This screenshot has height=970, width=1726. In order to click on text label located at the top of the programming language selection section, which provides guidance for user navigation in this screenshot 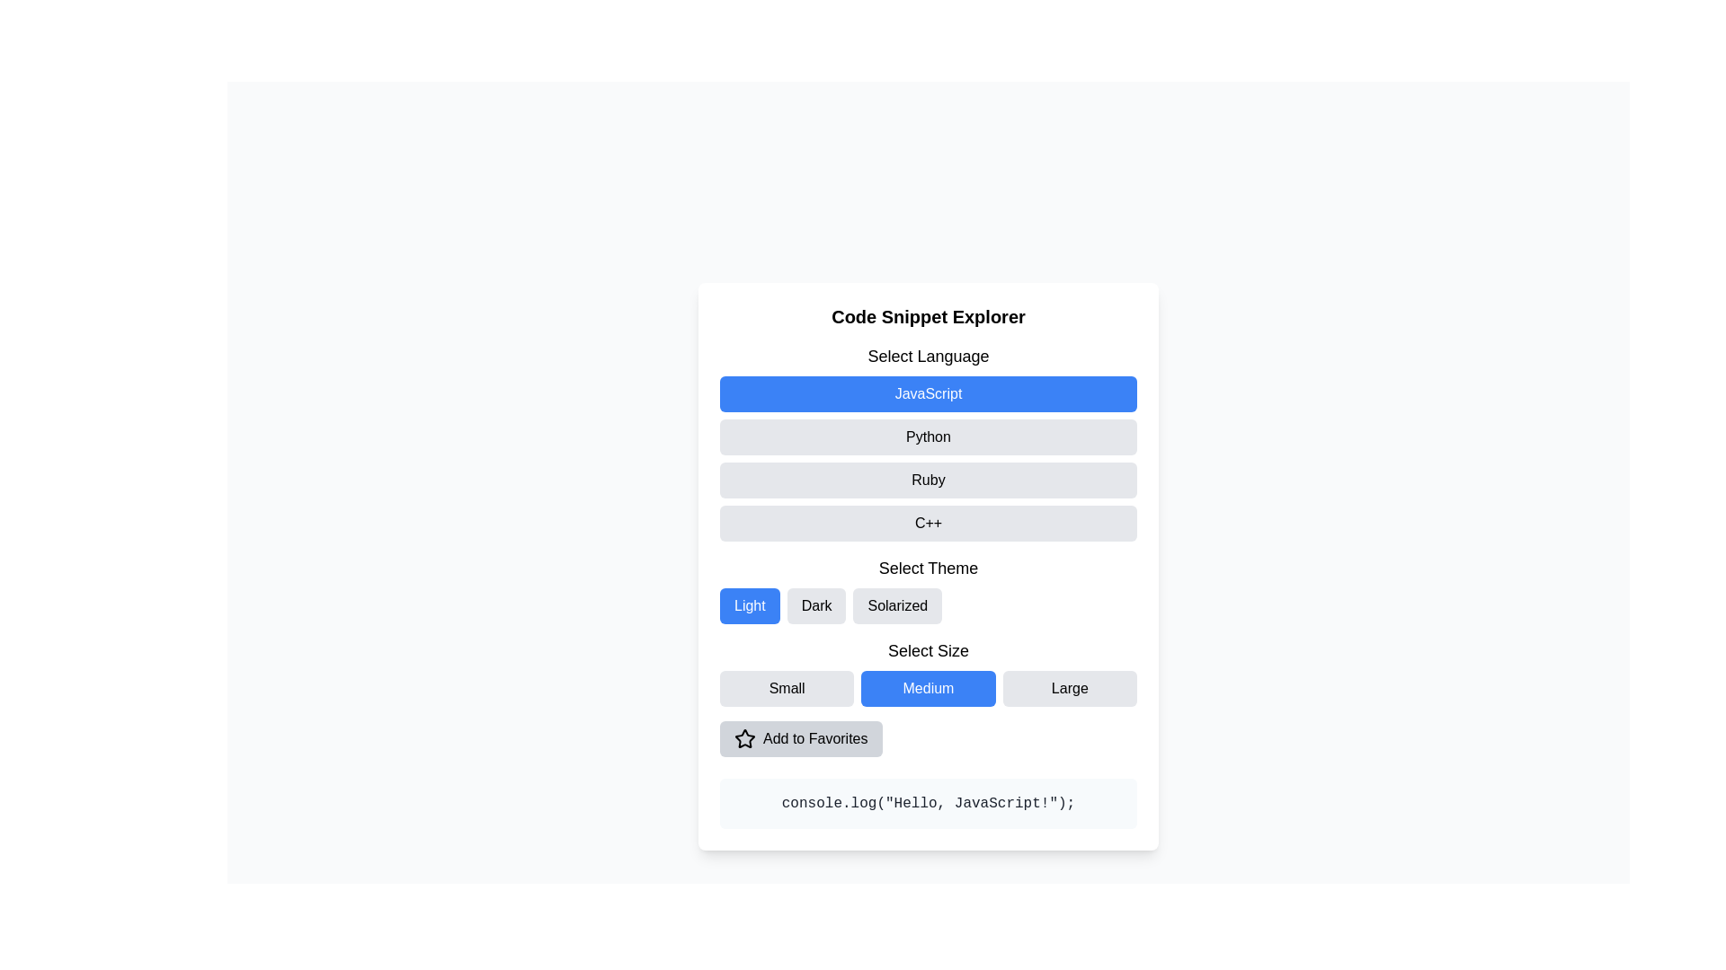, I will do `click(928, 357)`.